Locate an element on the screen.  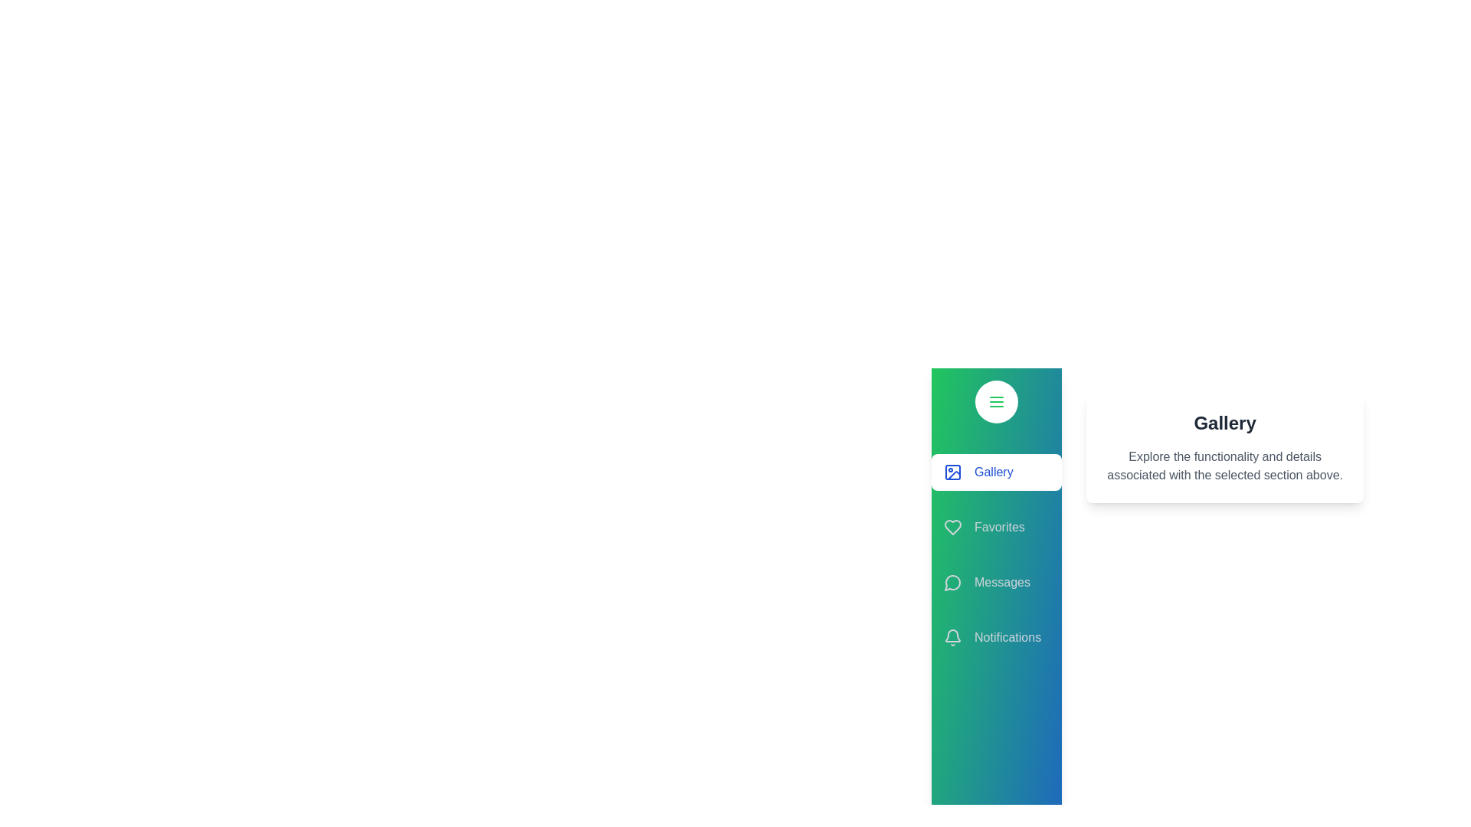
the section Messages in the EnhancedDrawer component is located at coordinates (996, 582).